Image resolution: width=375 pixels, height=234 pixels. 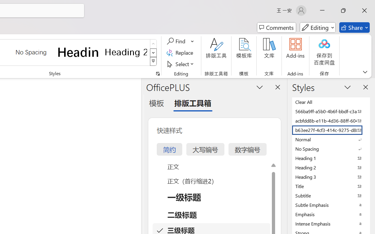 I want to click on 'acbfdd8b-e11b-4d36-88ff-6049b138f862', so click(x=331, y=121).